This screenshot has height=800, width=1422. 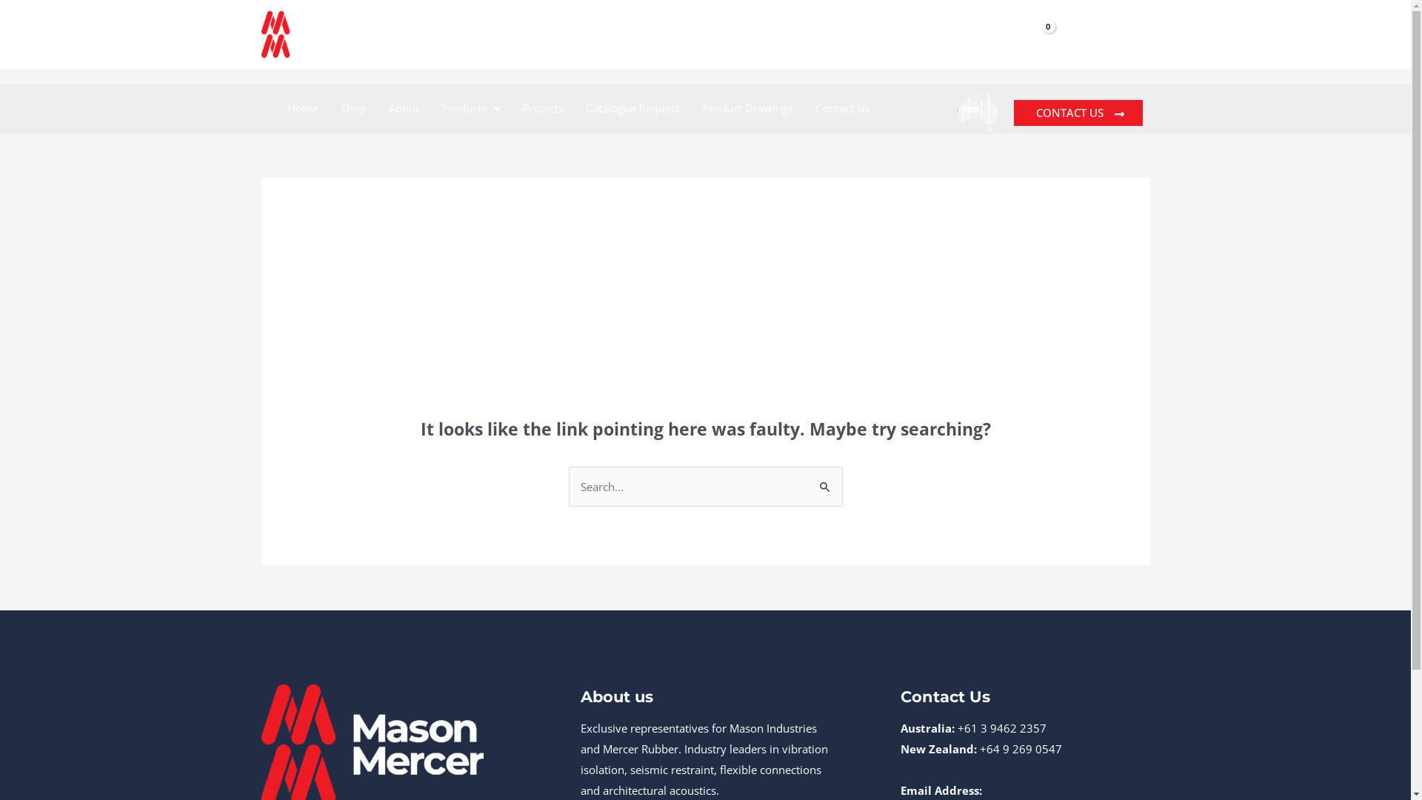 What do you see at coordinates (469, 107) in the screenshot?
I see `'Products'` at bounding box center [469, 107].